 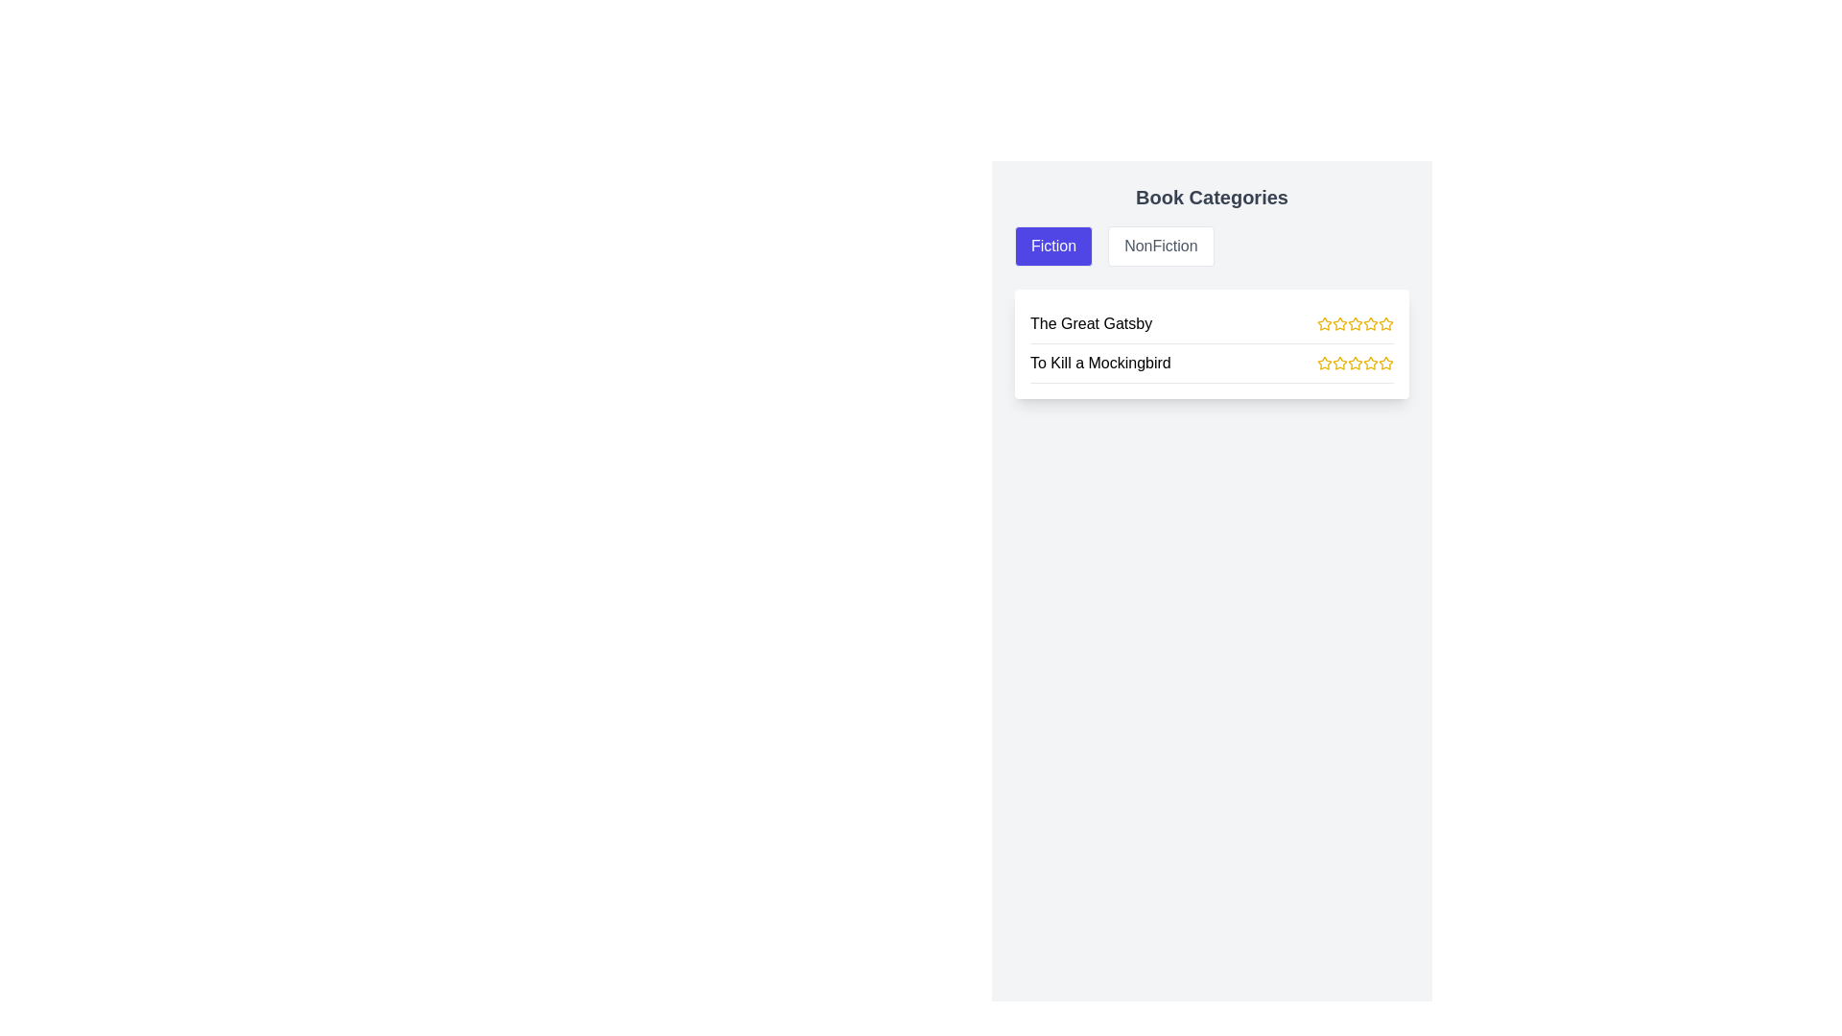 I want to click on the fourth star icon in the rating row associated with the book 'The Great Gatsby', so click(x=1354, y=322).